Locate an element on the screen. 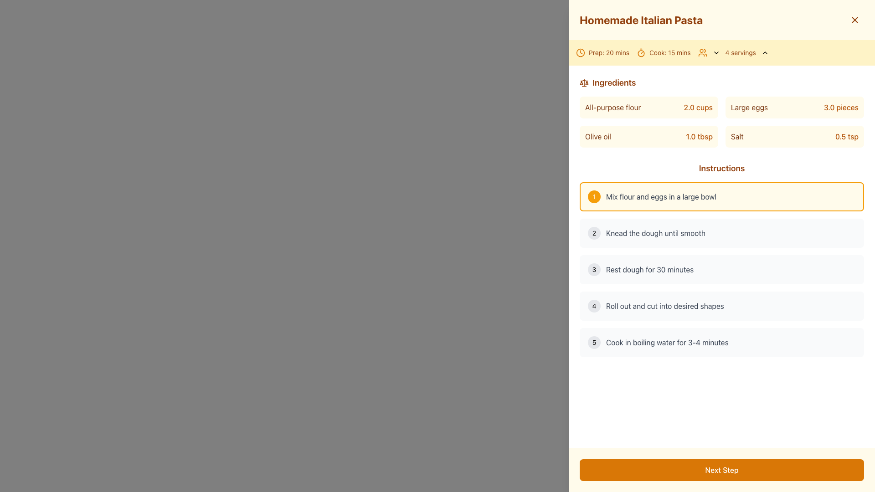 This screenshot has height=492, width=875. the Text label that provides the fourth step in the cooking instructions, positioned to the right of the circular icon with the number '4' is located at coordinates (665, 306).